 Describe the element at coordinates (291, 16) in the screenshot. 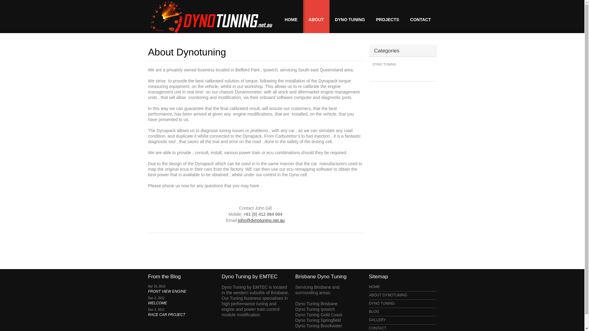

I see `'HOME'` at that location.